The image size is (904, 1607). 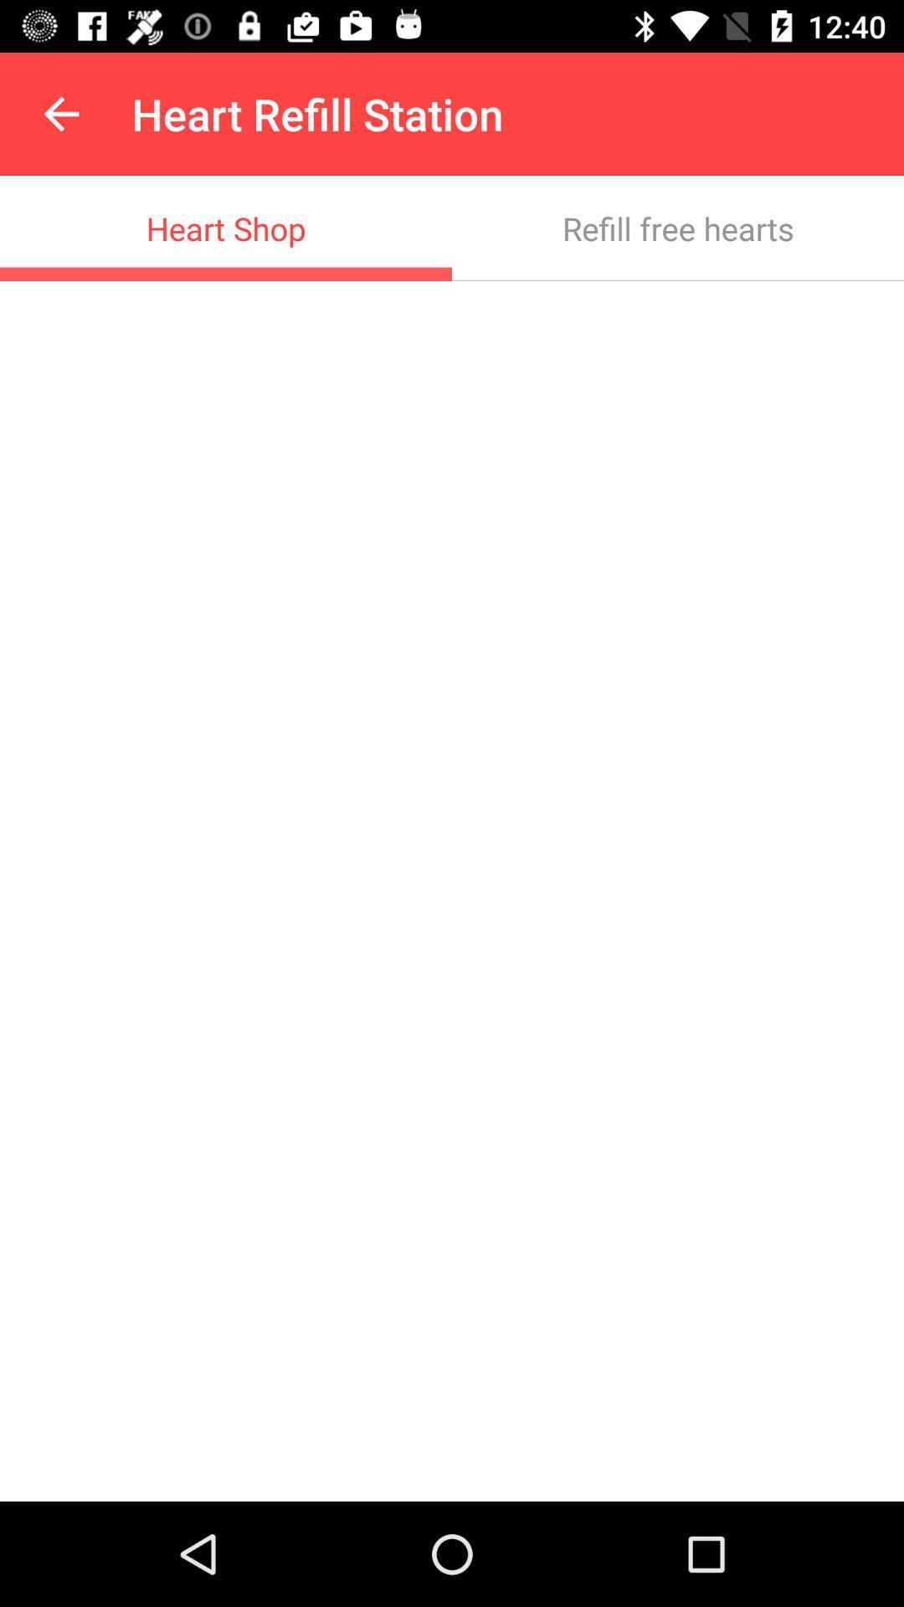 I want to click on the icon to the left of the heart refill station icon, so click(x=60, y=113).